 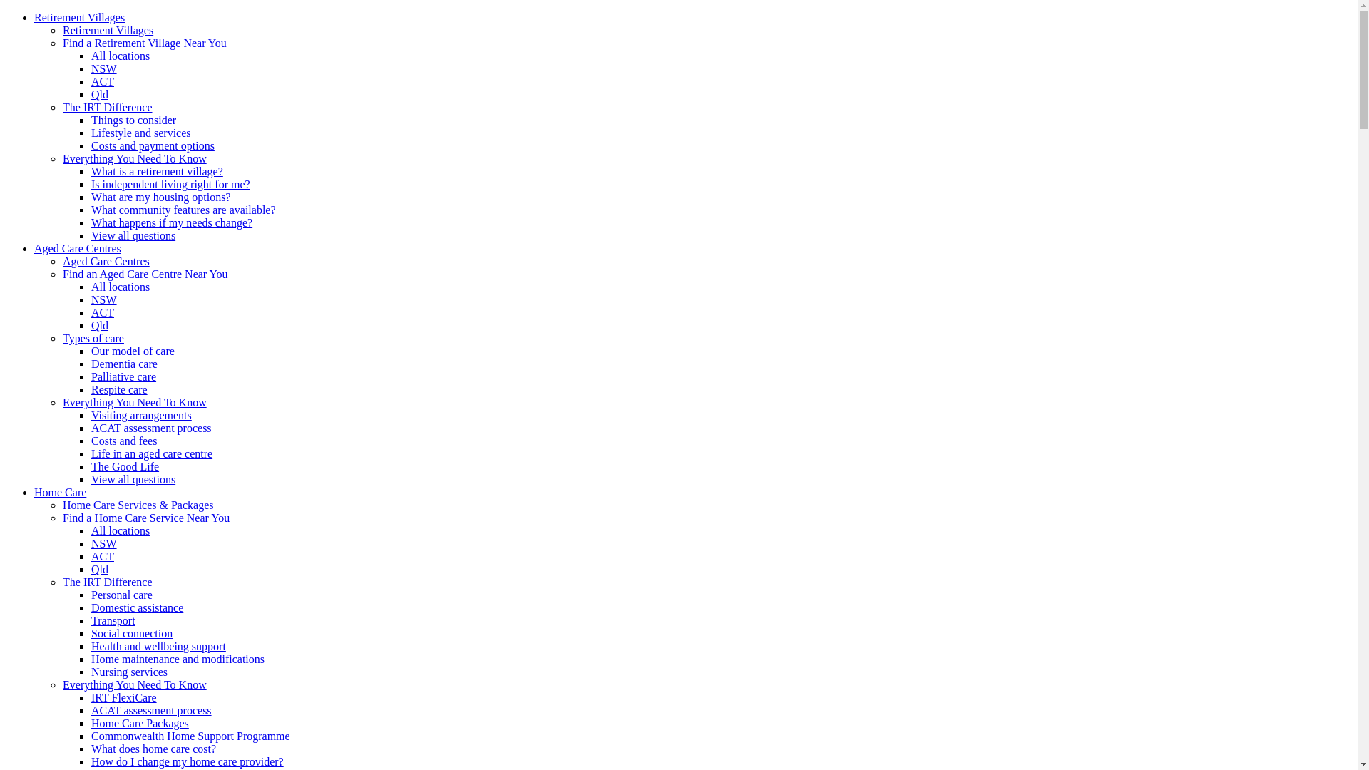 I want to click on 'Find a Retirement Village Near You', so click(x=144, y=42).